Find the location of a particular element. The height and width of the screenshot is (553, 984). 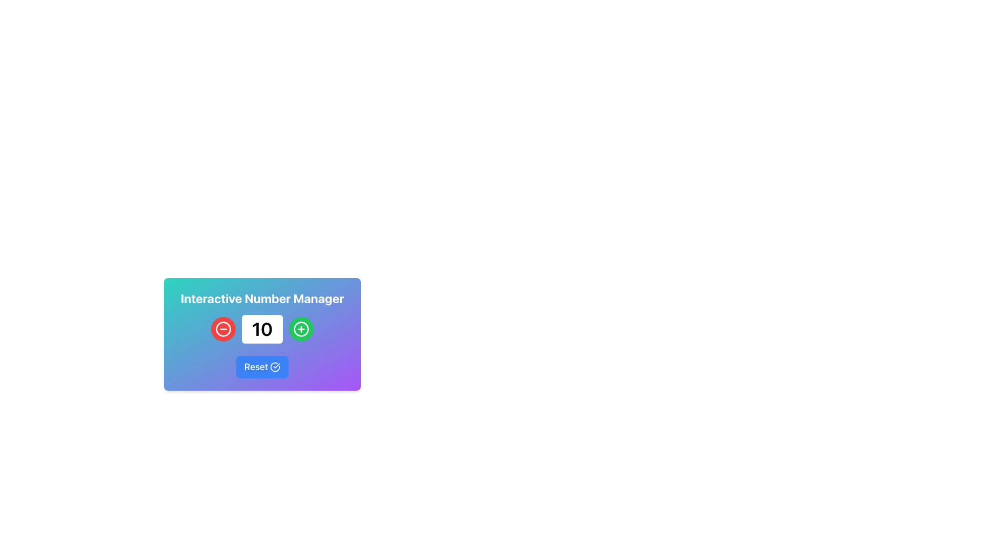

the circular green button with a white plus sign to increase the number in the number manager interface is located at coordinates (301, 329).